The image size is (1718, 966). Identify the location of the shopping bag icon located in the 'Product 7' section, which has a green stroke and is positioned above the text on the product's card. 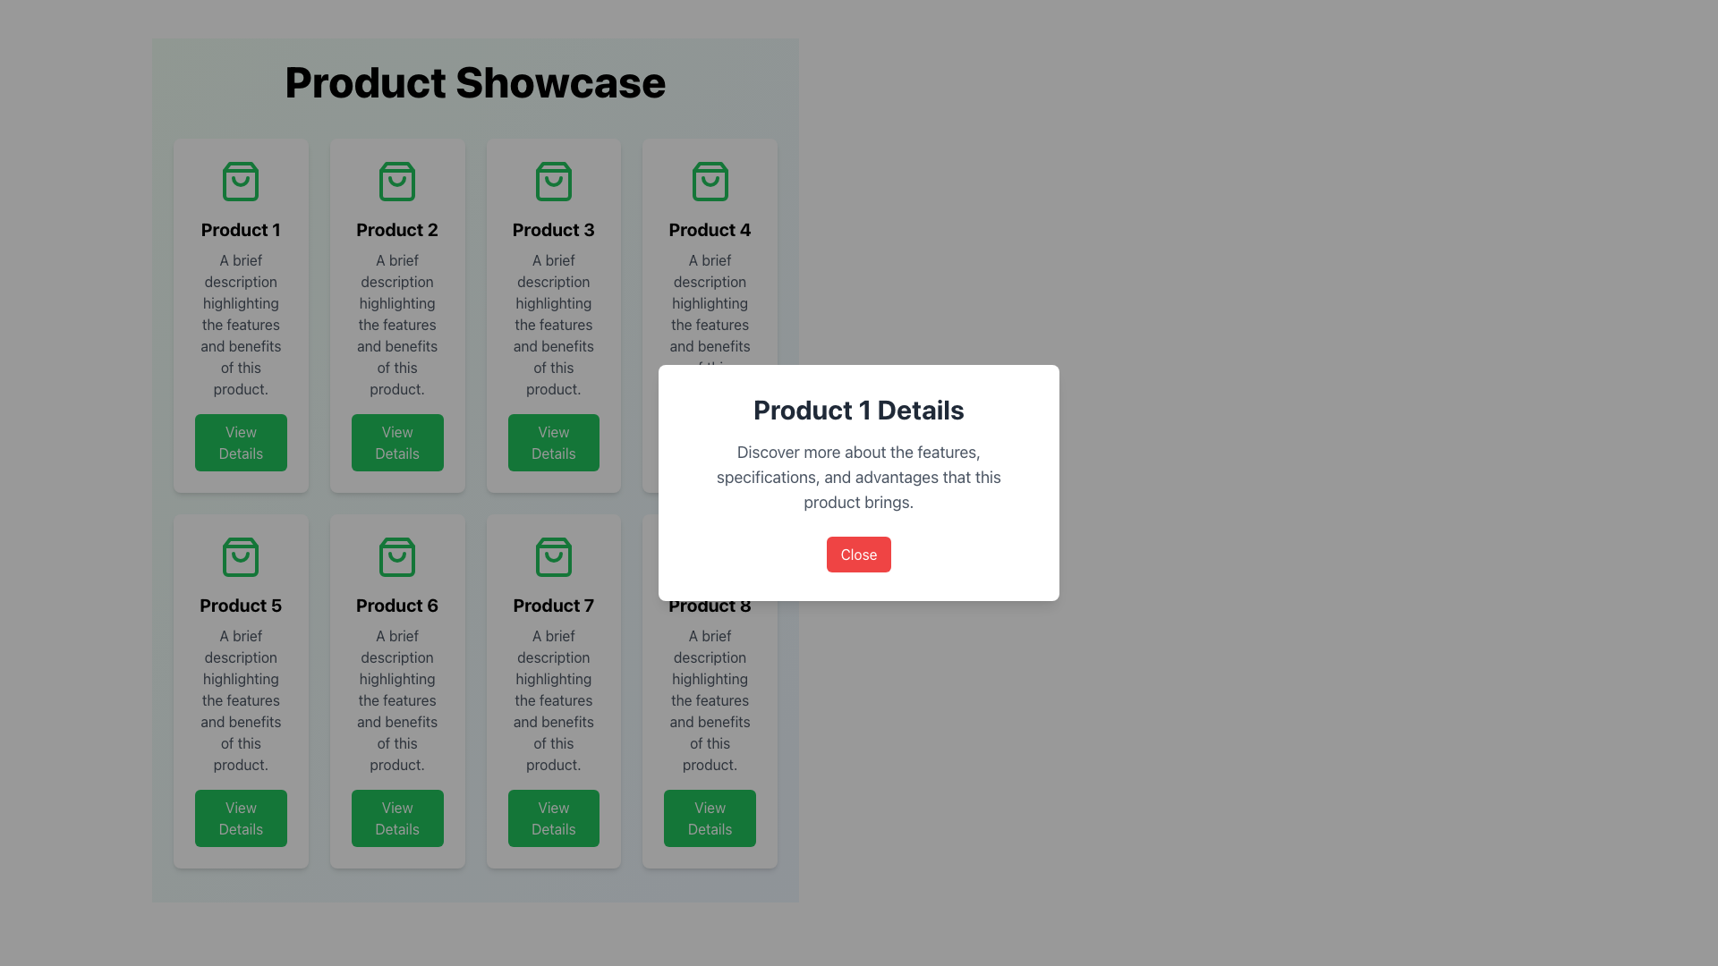
(552, 556).